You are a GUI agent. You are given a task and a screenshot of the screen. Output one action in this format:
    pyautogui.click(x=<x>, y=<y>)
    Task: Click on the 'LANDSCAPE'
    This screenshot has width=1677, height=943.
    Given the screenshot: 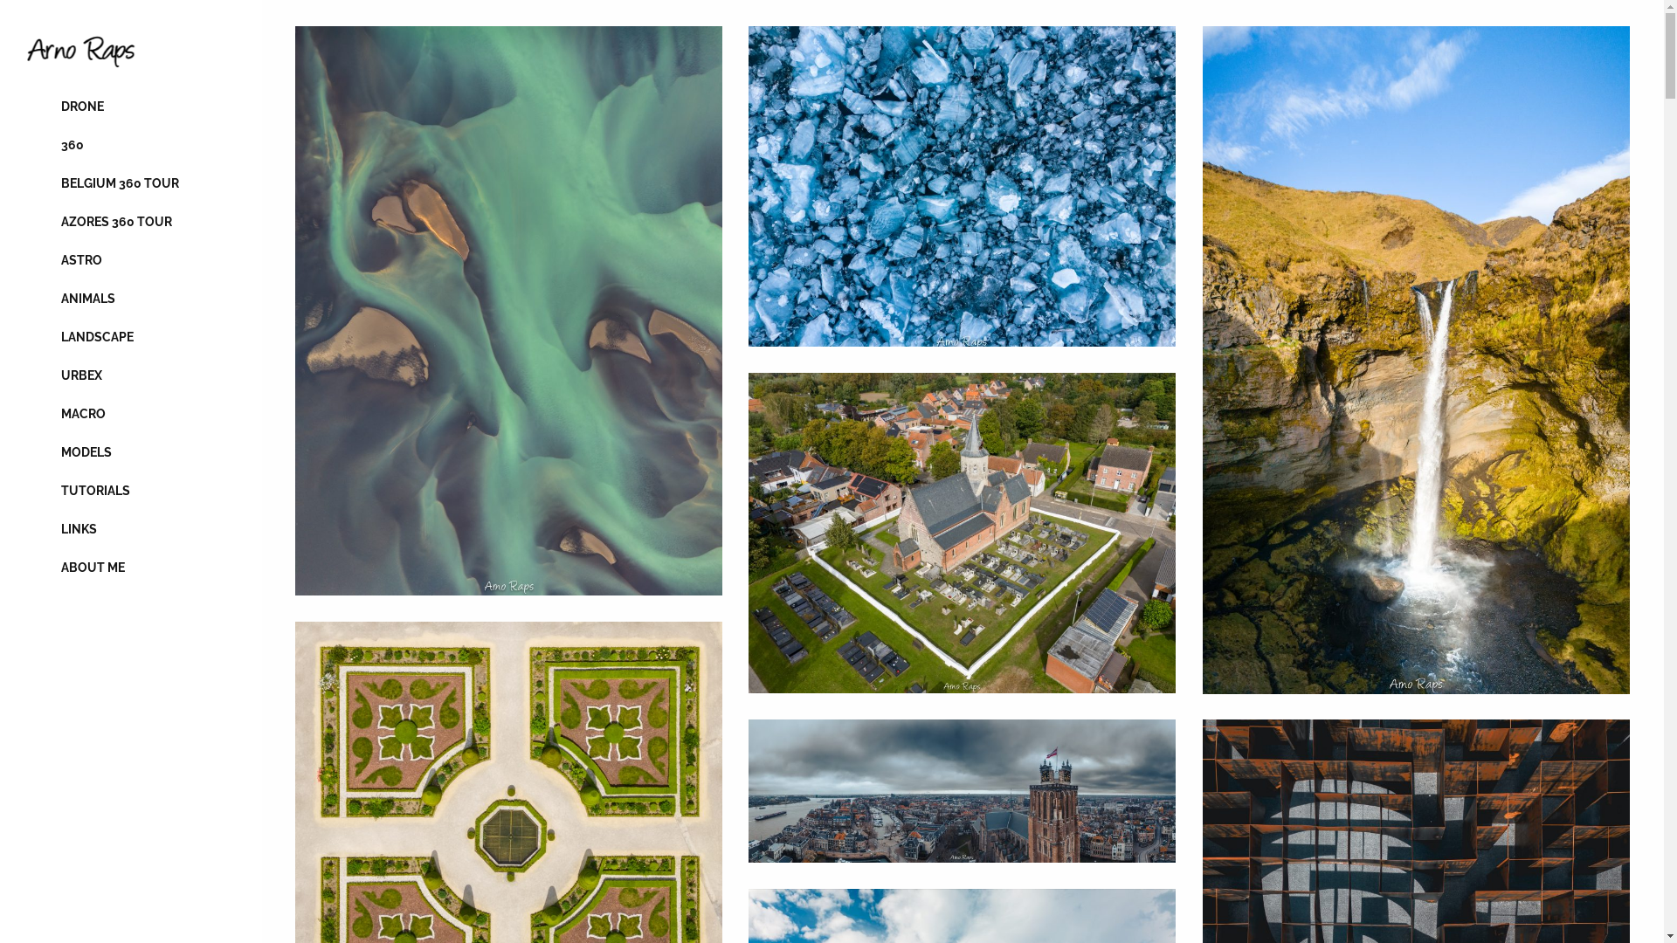 What is the action you would take?
    pyautogui.click(x=129, y=336)
    